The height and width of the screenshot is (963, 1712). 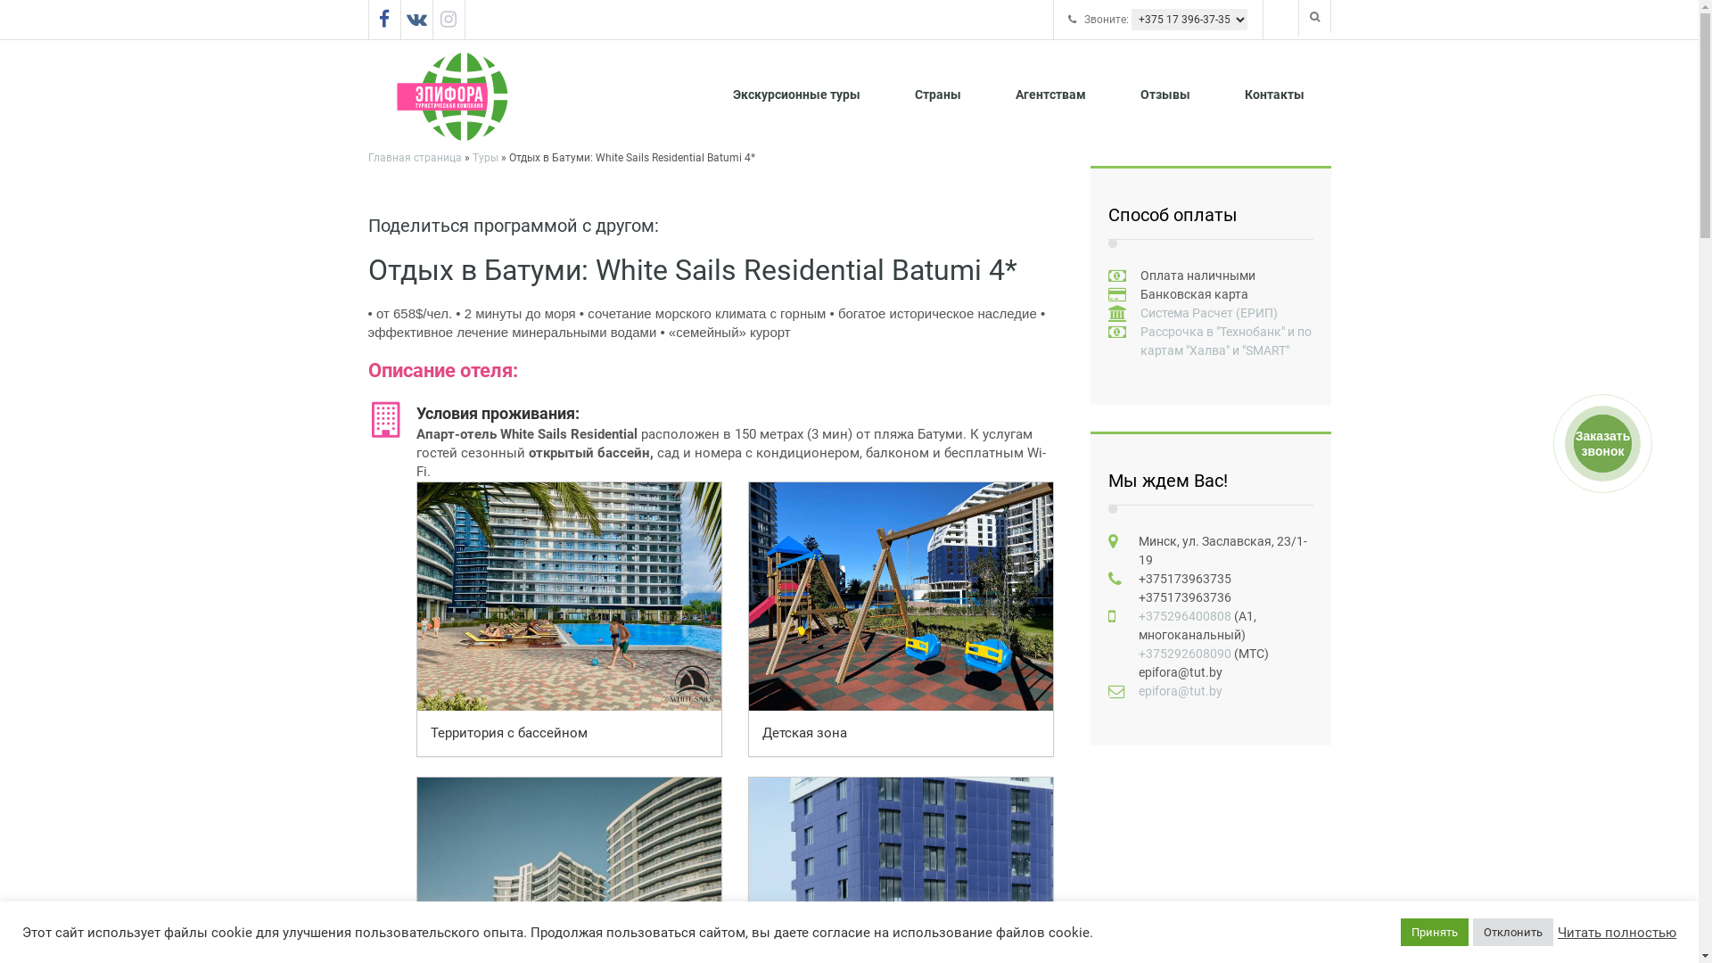 I want to click on '+375296400808', so click(x=1137, y=614).